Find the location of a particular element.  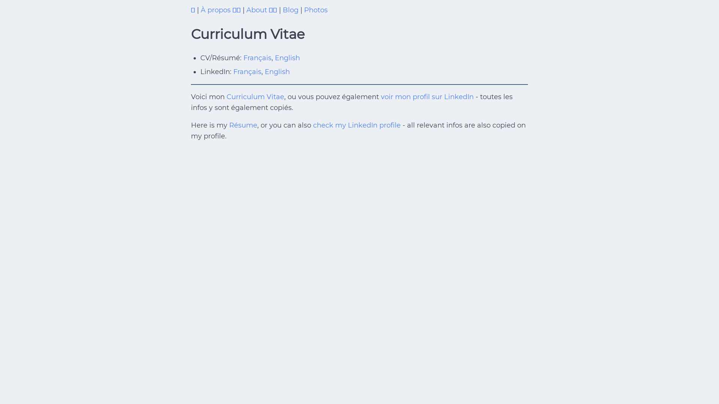

'English' is located at coordinates (287, 57).